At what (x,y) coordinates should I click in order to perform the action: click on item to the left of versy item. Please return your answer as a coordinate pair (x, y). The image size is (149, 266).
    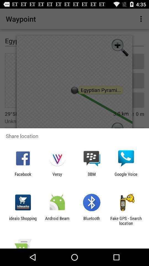
    Looking at the image, I should click on (23, 176).